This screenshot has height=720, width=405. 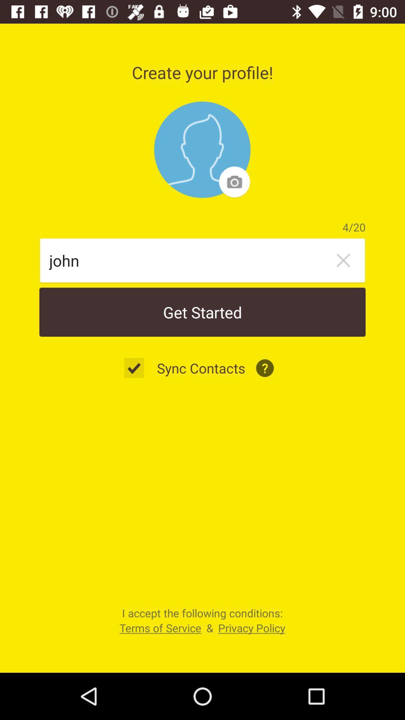 I want to click on item below the create your profile! icon, so click(x=202, y=150).